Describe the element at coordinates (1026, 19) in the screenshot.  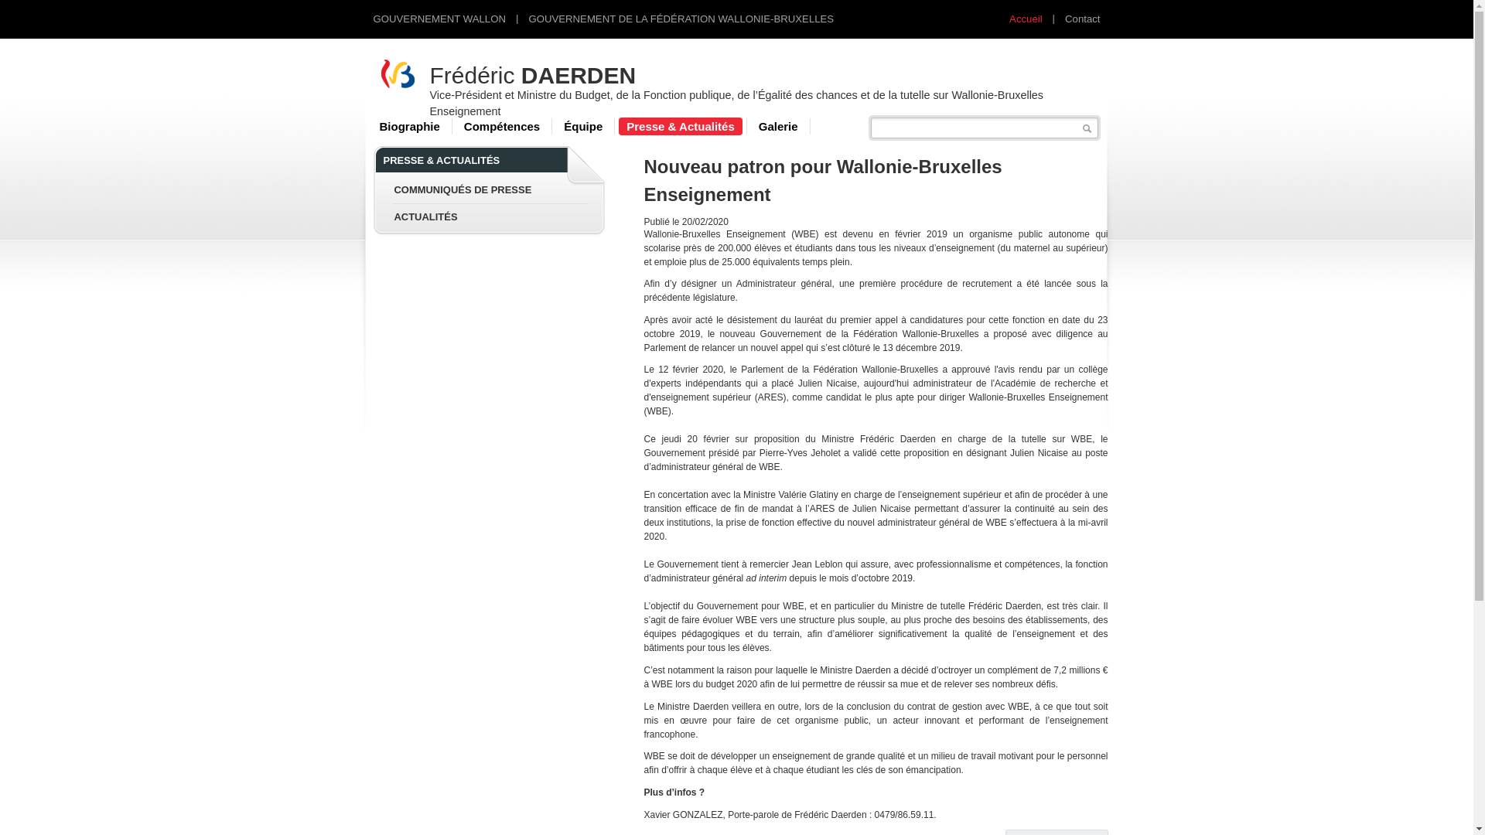
I see `'Accueil'` at that location.